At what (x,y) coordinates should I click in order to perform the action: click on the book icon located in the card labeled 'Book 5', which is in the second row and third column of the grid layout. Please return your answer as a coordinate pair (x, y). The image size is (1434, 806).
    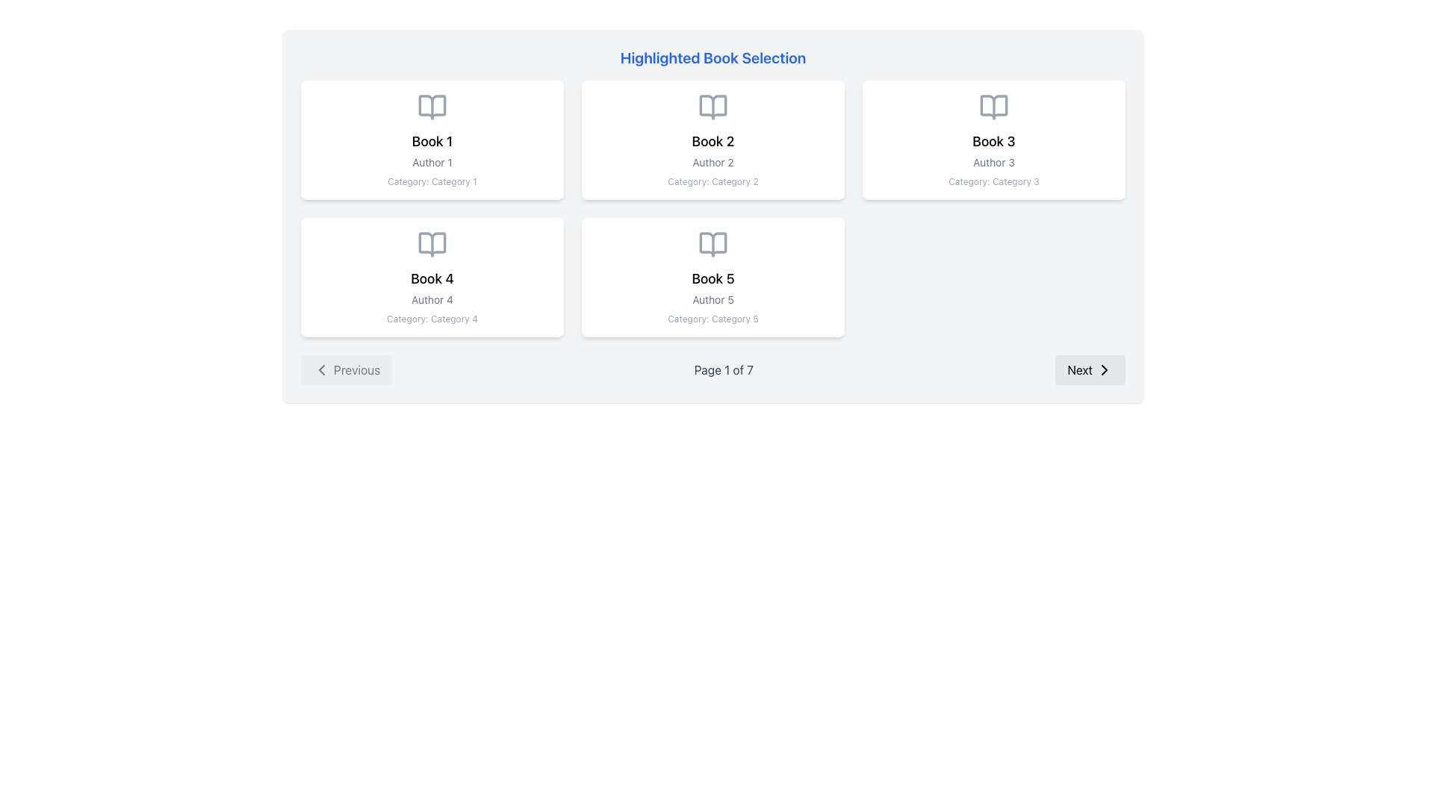
    Looking at the image, I should click on (713, 243).